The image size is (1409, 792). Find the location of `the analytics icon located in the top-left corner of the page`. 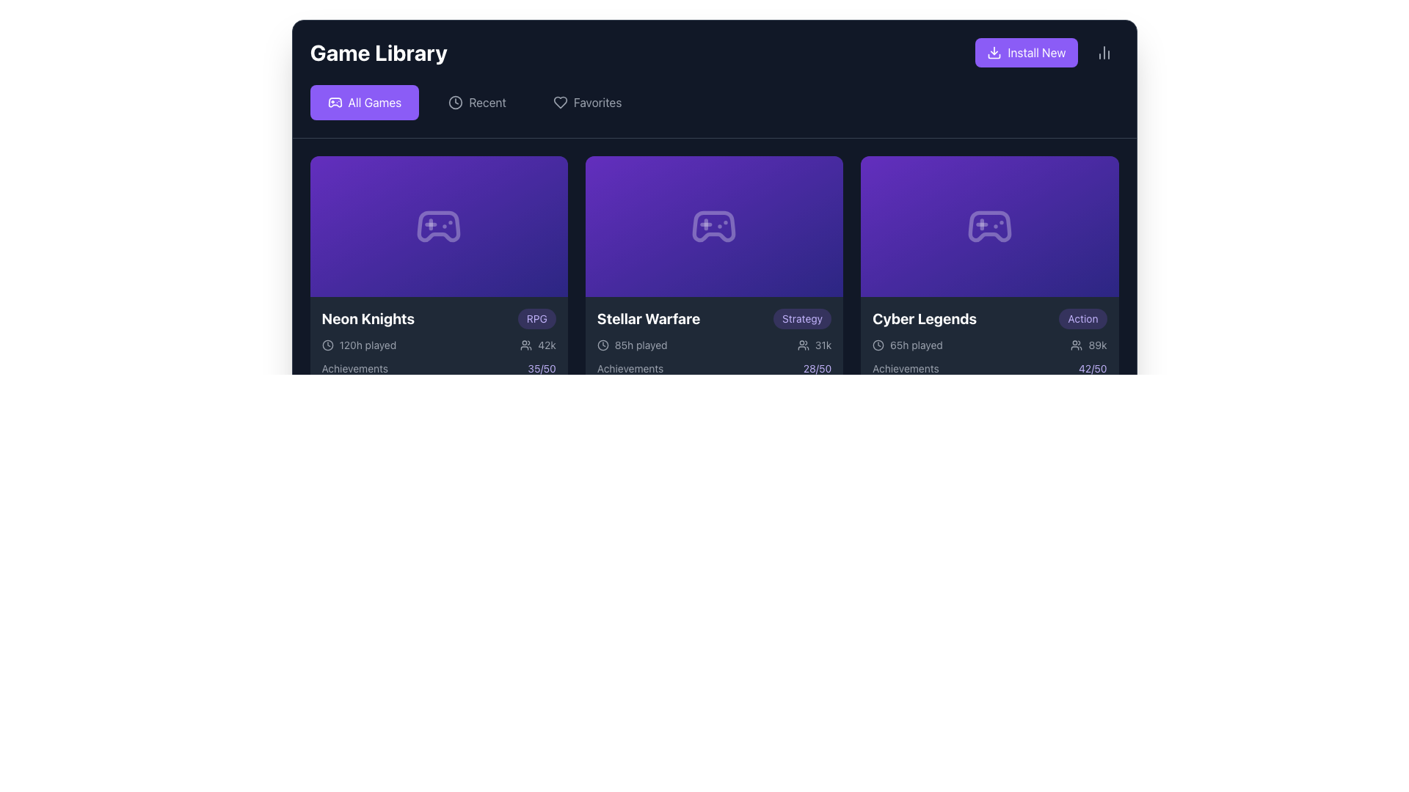

the analytics icon located in the top-left corner of the page is located at coordinates (1104, 52).